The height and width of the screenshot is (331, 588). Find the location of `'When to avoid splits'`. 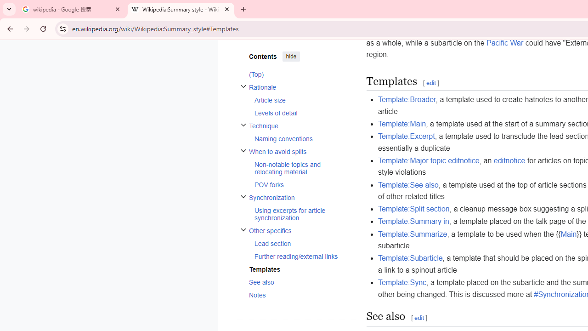

'When to avoid splits' is located at coordinates (298, 151).